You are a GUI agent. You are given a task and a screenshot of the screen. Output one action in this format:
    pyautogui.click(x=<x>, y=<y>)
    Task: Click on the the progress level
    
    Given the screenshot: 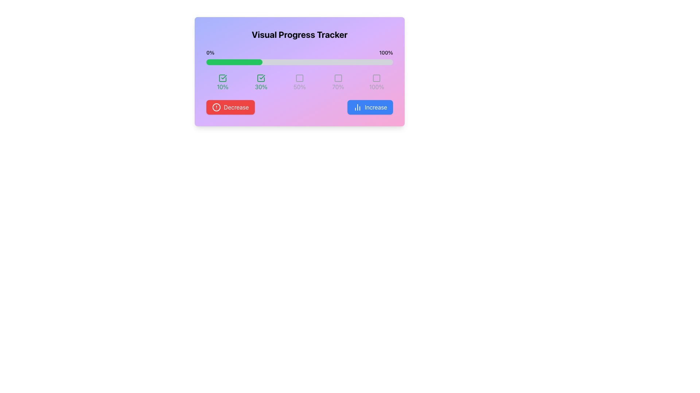 What is the action you would take?
    pyautogui.click(x=315, y=61)
    